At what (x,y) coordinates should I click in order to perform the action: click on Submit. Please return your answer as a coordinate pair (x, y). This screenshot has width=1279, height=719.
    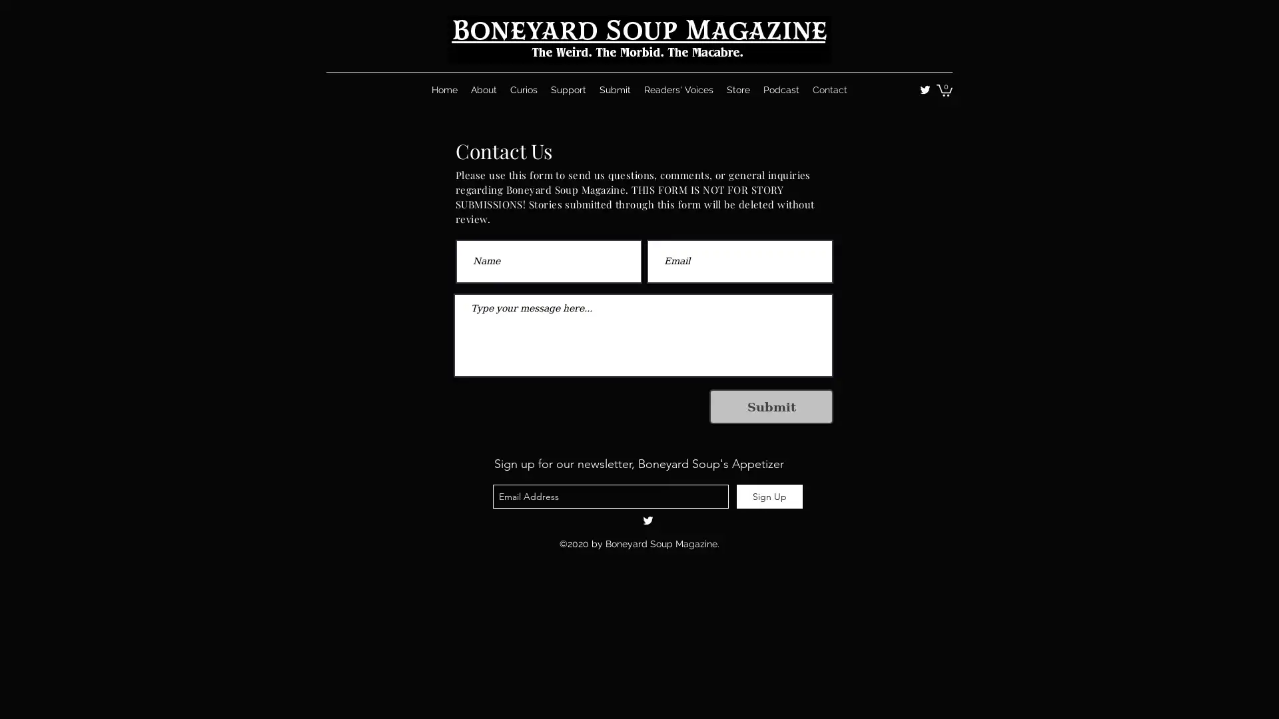
    Looking at the image, I should click on (771, 405).